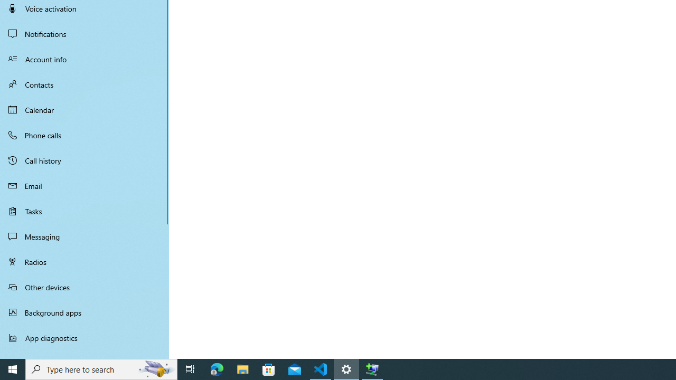  I want to click on 'Background apps', so click(84, 312).